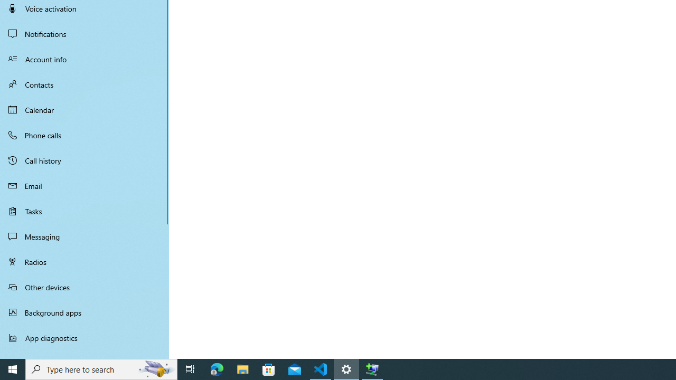  I want to click on 'Background apps', so click(84, 312).